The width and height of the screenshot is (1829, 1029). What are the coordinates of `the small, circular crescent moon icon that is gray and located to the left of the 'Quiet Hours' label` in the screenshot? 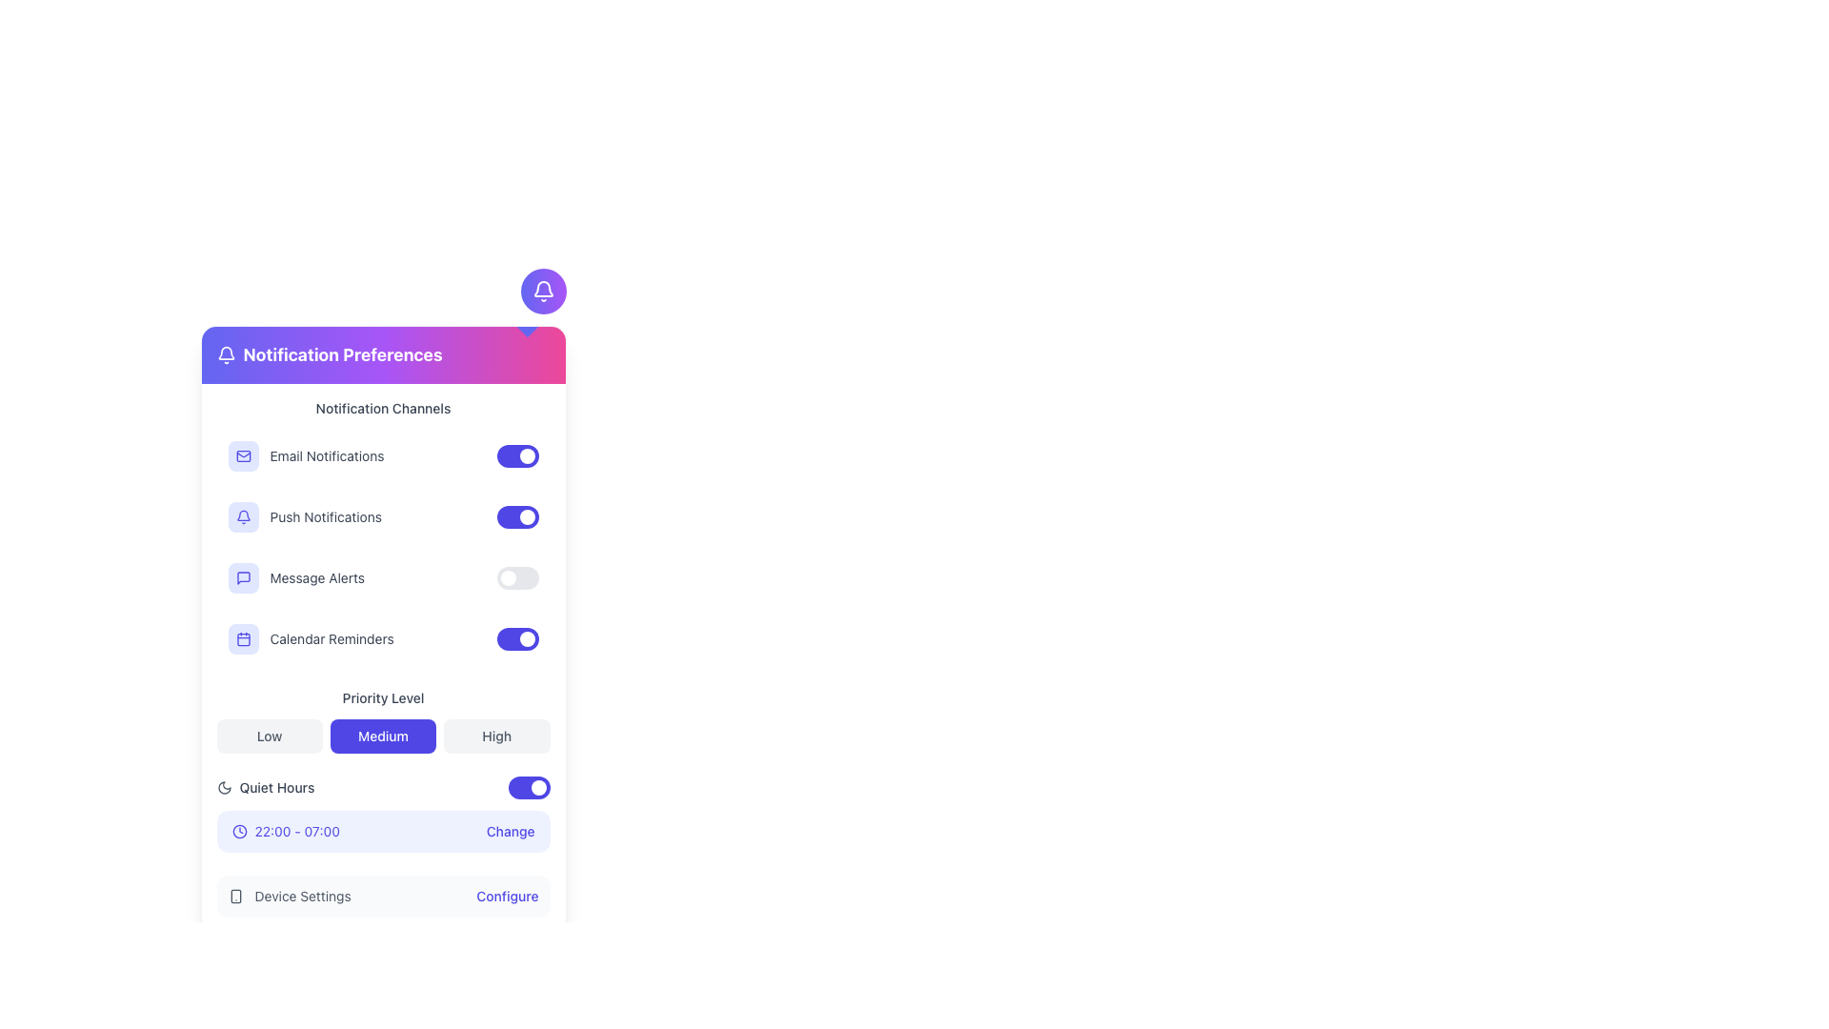 It's located at (224, 787).